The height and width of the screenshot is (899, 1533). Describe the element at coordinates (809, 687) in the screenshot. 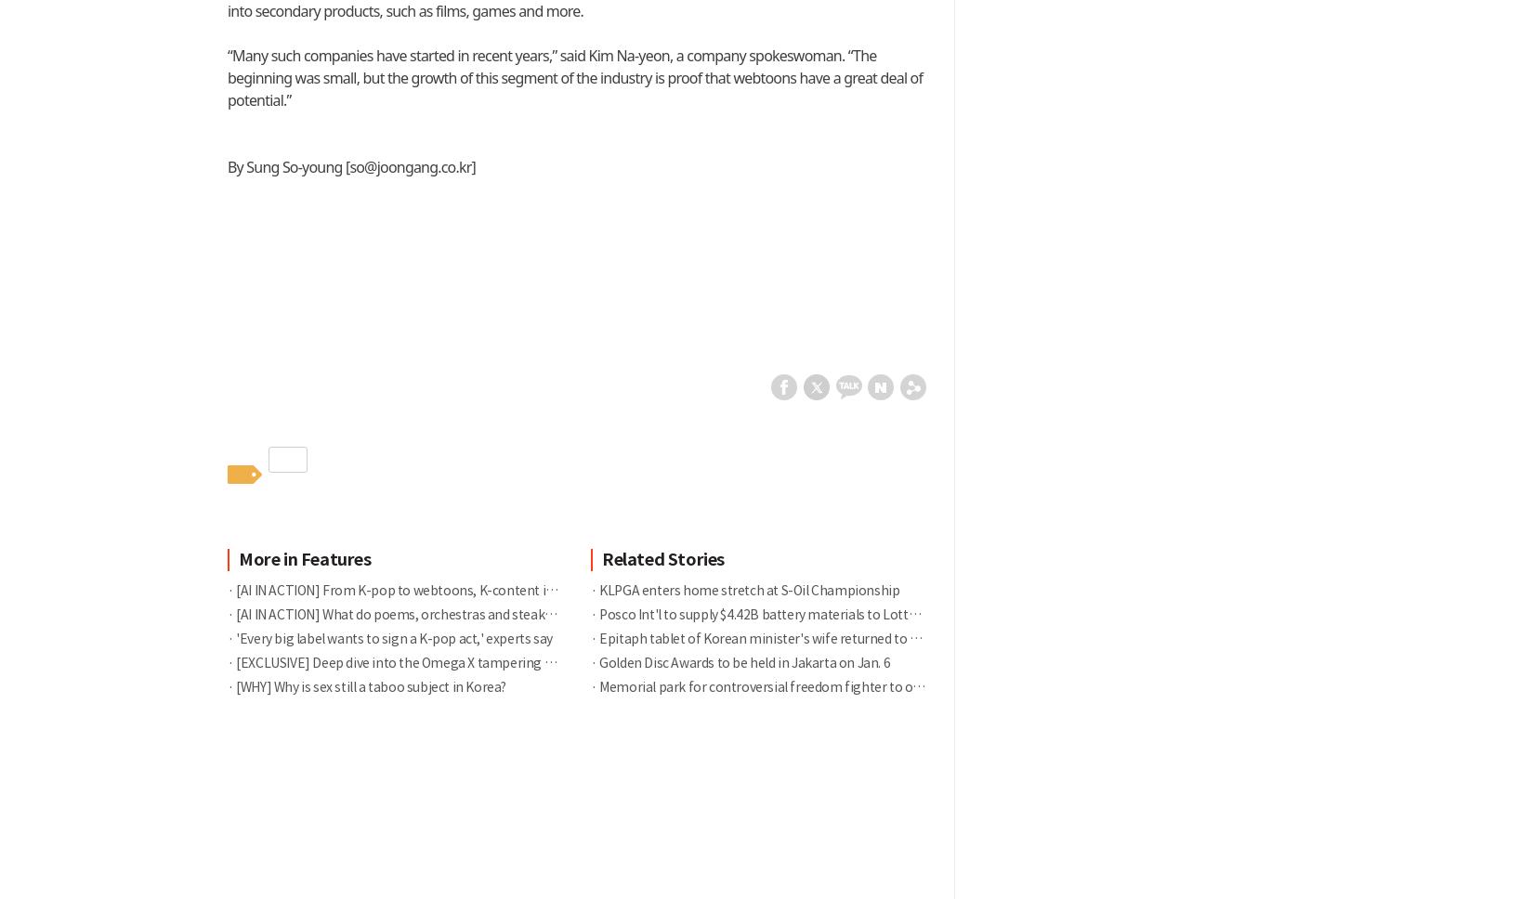

I see `'Memorial park for controversial freedom fighter to open in Kazakhstan'` at that location.